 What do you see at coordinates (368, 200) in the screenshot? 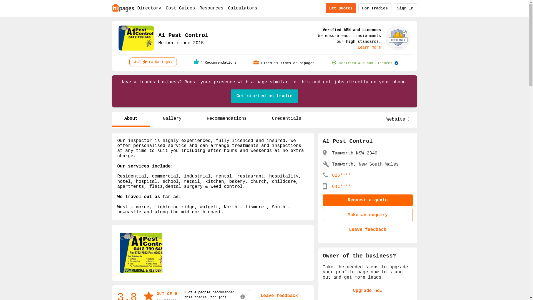
I see `'Request a quote'` at bounding box center [368, 200].